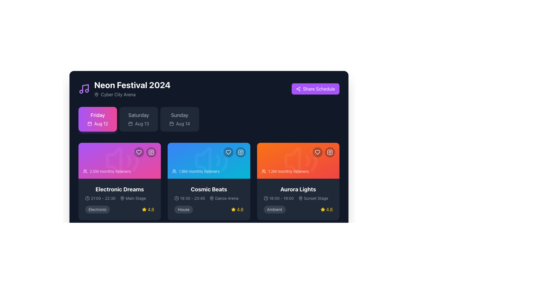  What do you see at coordinates (96, 94) in the screenshot?
I see `the location marker icon positioned to the left of the 'Cyber City Arena' text in the top section of the interface` at bounding box center [96, 94].